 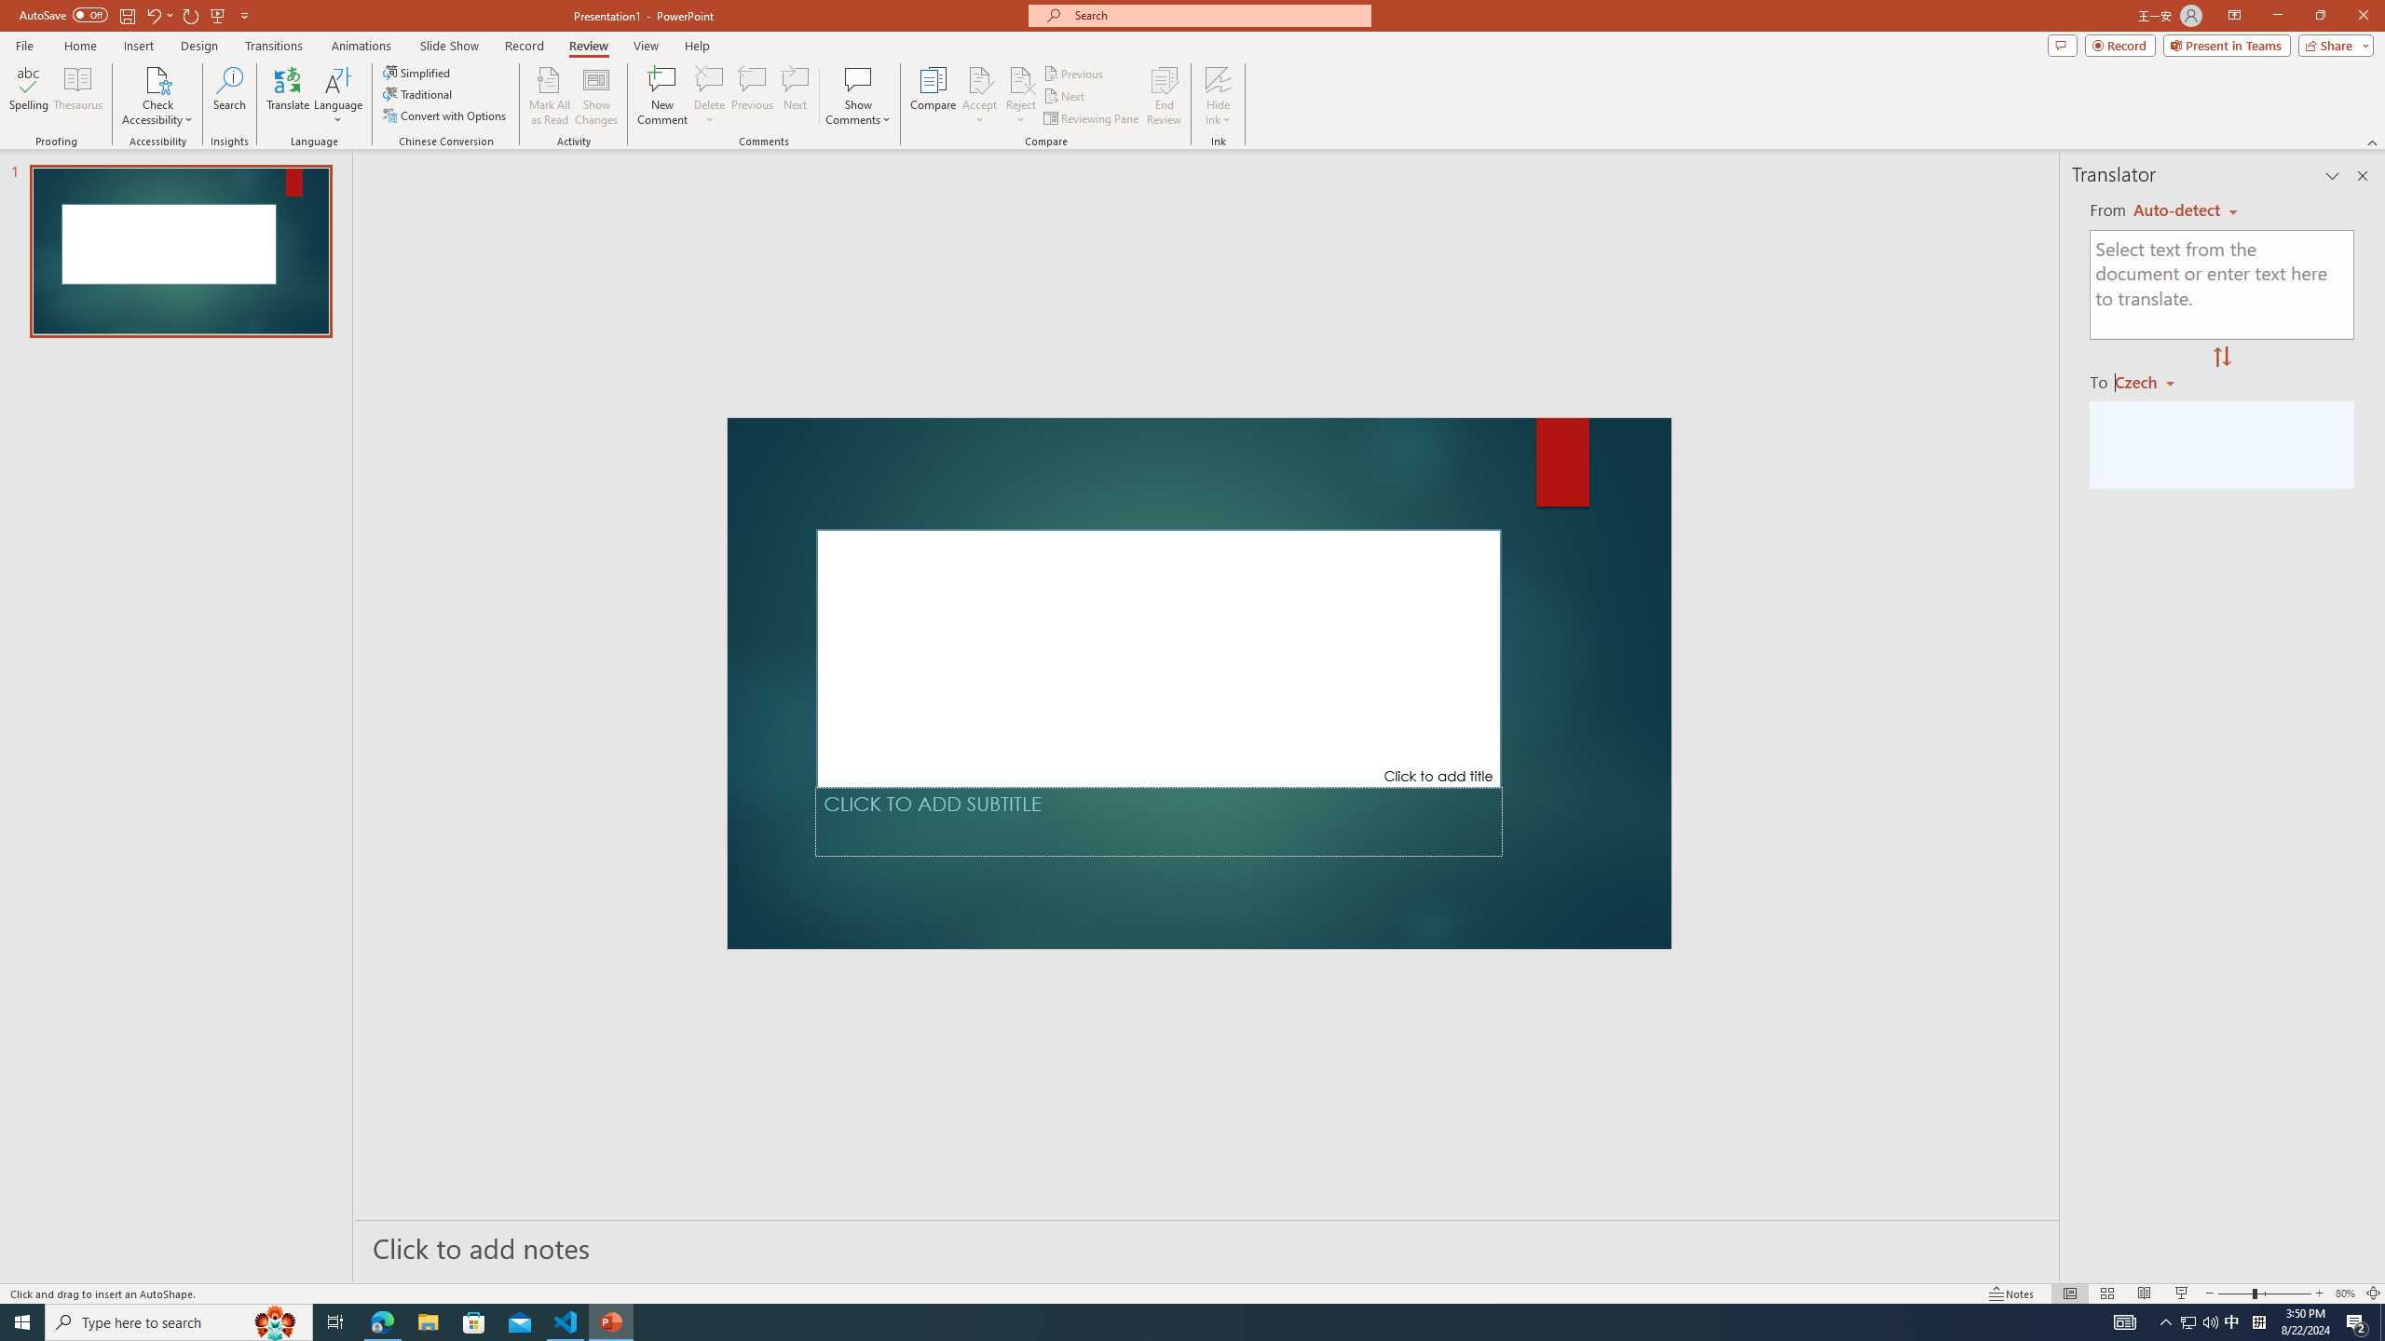 What do you see at coordinates (417, 72) in the screenshot?
I see `'Simplified'` at bounding box center [417, 72].